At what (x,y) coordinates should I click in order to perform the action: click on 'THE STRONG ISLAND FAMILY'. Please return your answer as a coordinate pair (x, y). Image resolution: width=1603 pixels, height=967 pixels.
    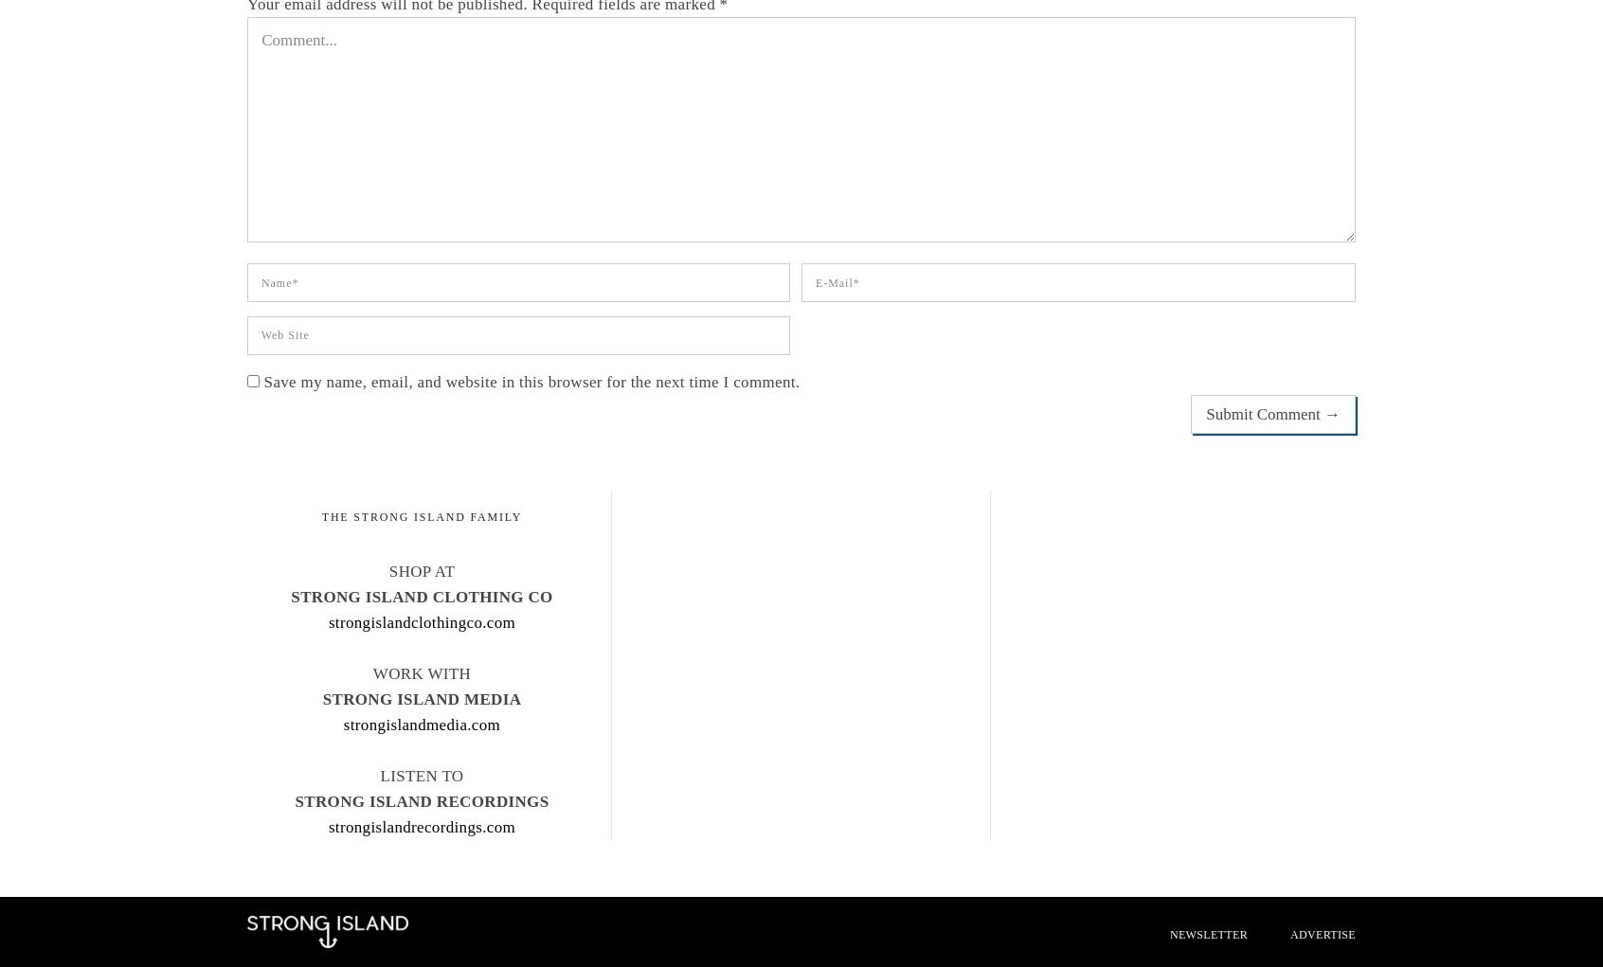
    Looking at the image, I should click on (420, 517).